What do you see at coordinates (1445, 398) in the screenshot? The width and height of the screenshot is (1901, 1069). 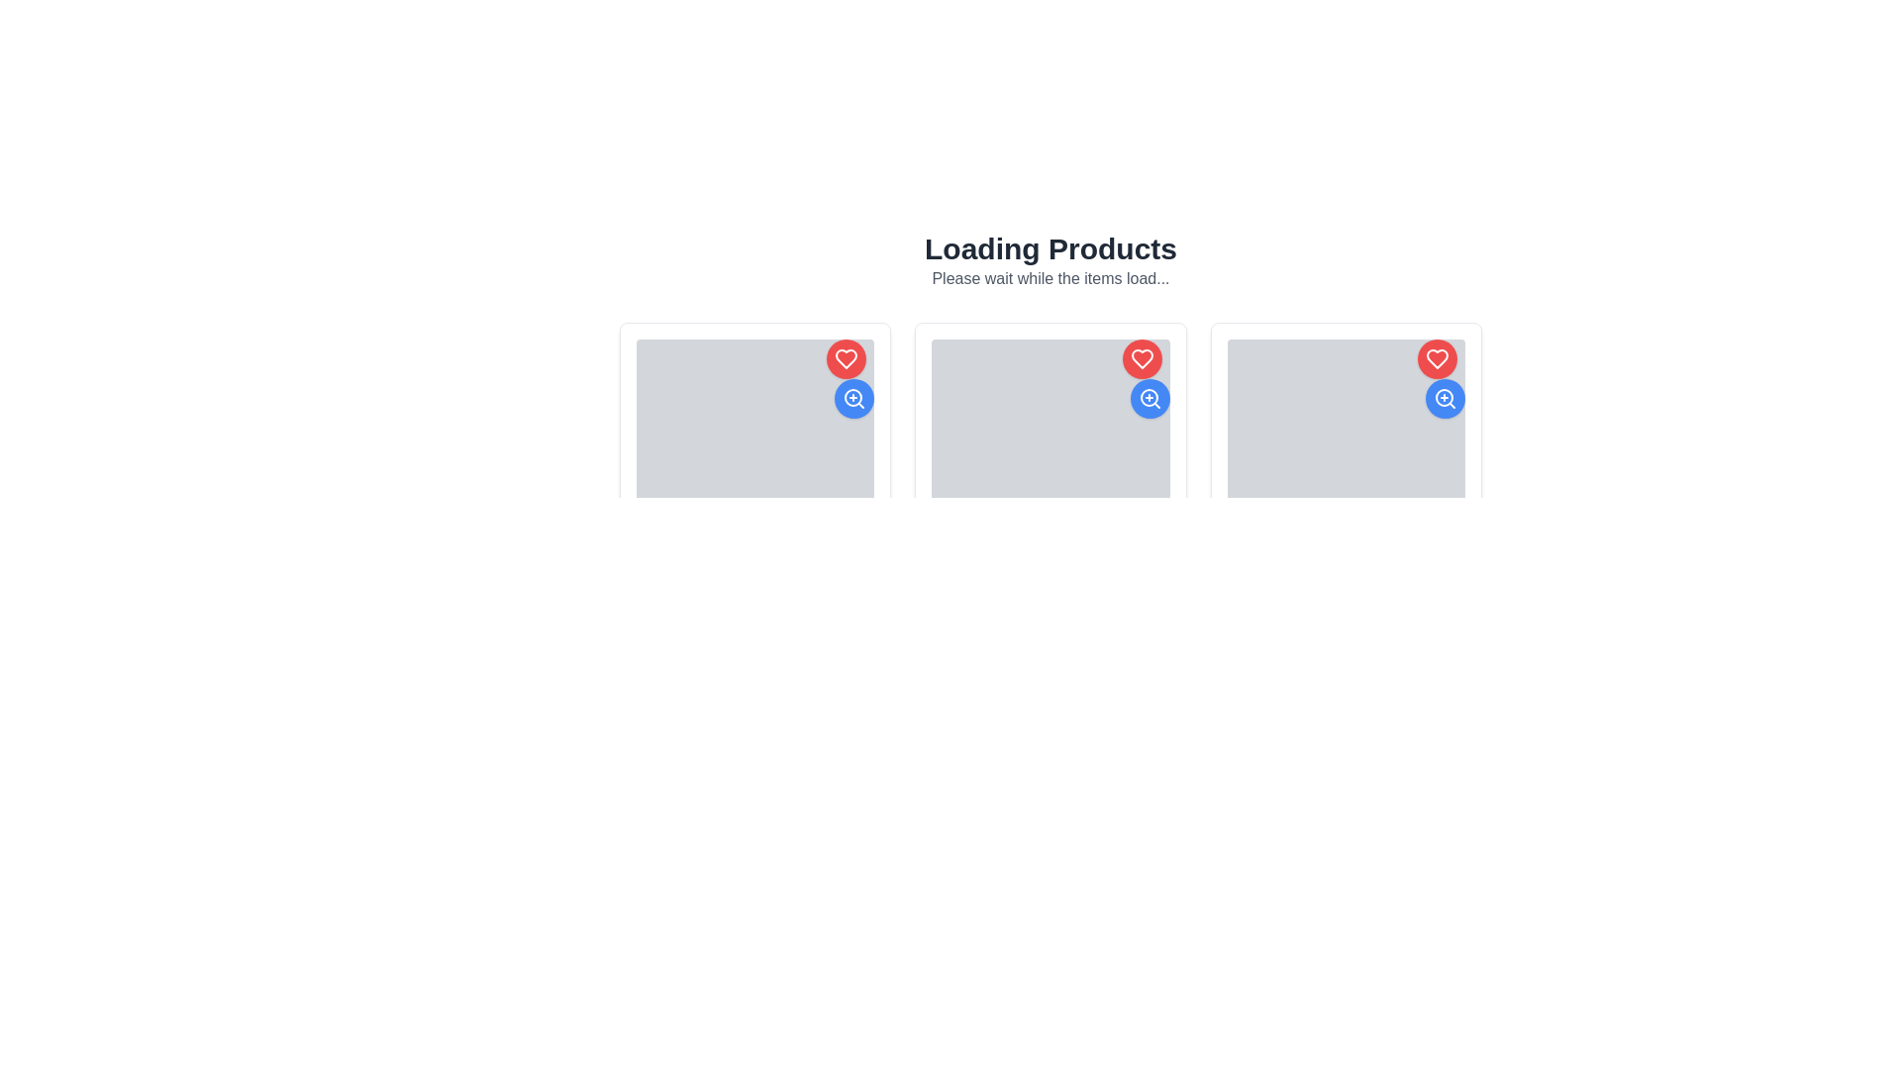 I see `the magnifying glass icon with a plus symbol inside the blue circular button located at the bottom-right corner of the second card` at bounding box center [1445, 398].